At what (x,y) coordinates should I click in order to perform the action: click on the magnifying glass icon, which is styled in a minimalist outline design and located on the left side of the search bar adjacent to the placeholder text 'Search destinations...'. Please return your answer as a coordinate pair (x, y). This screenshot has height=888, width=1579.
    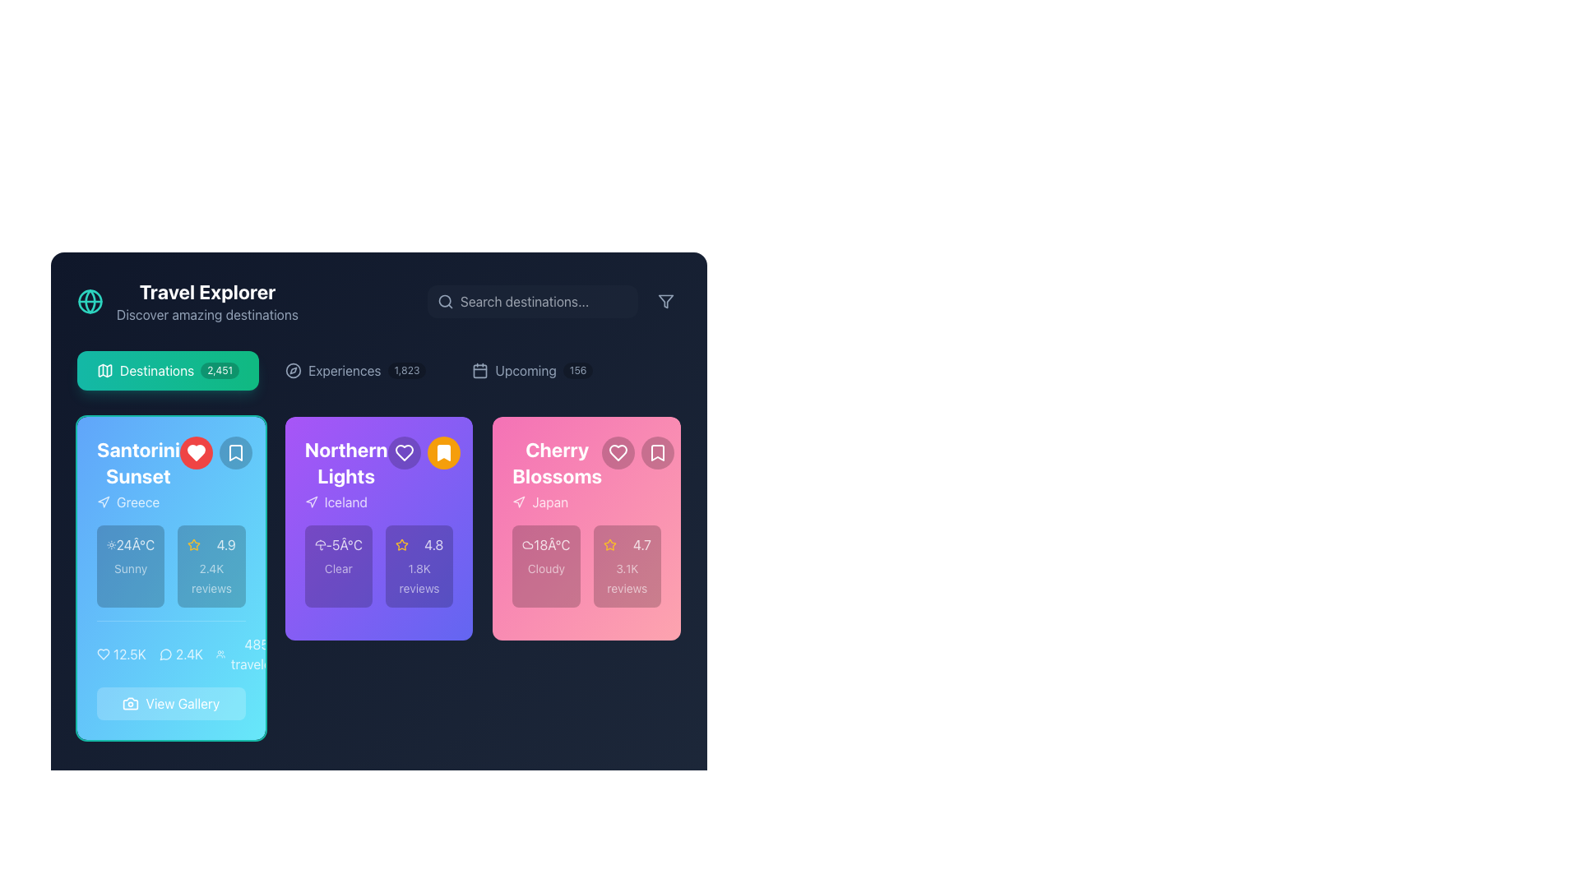
    Looking at the image, I should click on (446, 301).